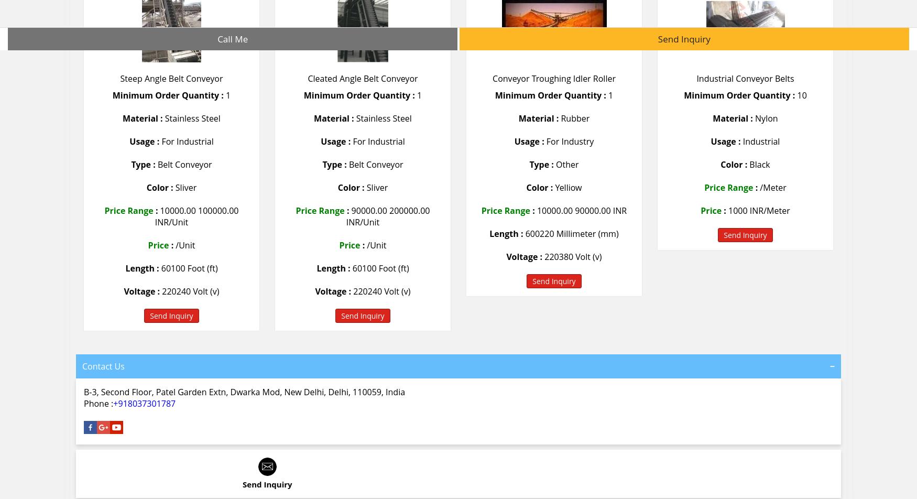  I want to click on '1000 INR/Meter', so click(728, 210).